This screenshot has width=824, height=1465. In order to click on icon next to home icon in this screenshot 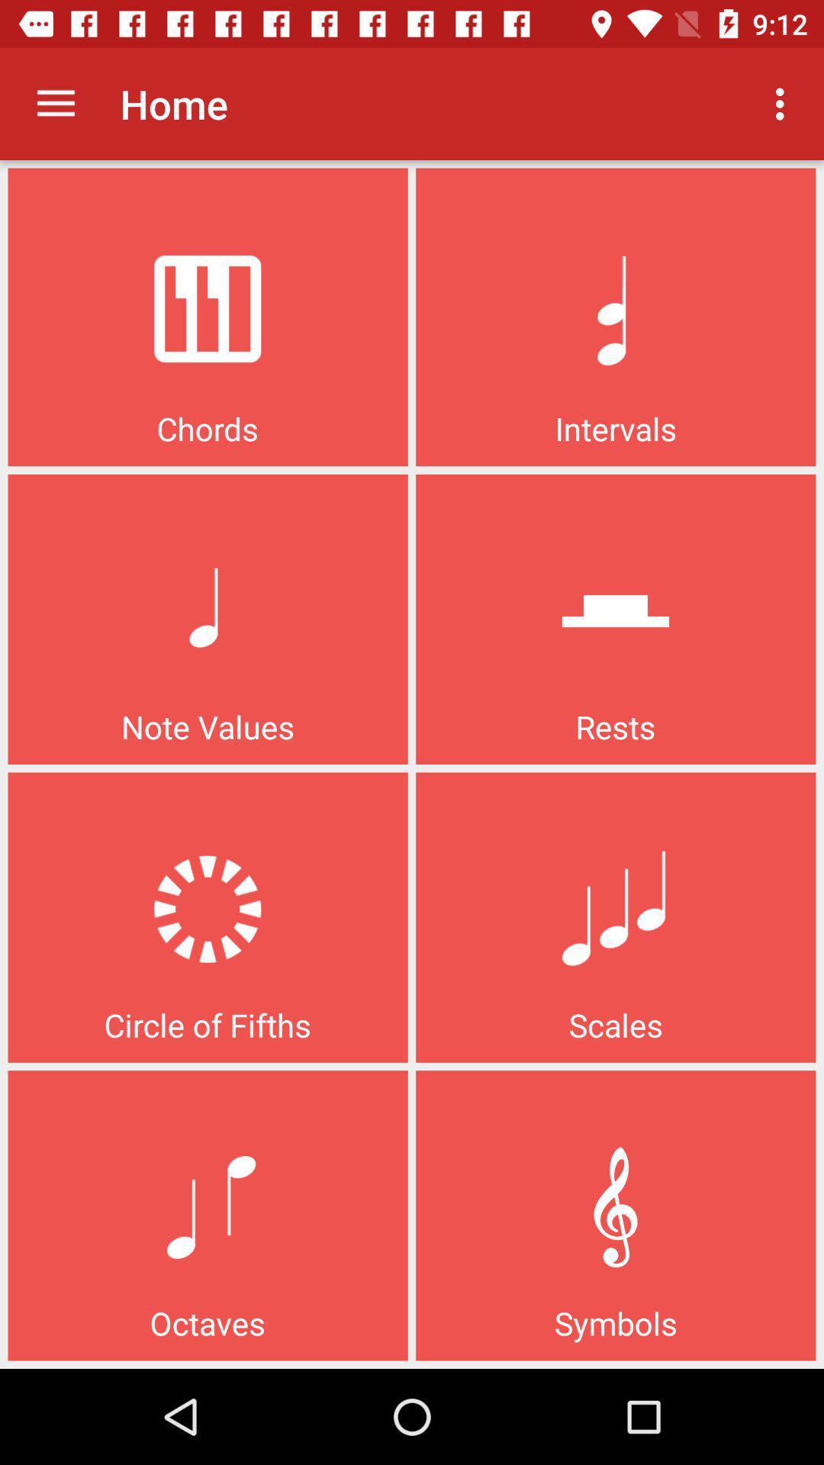, I will do `click(55, 103)`.